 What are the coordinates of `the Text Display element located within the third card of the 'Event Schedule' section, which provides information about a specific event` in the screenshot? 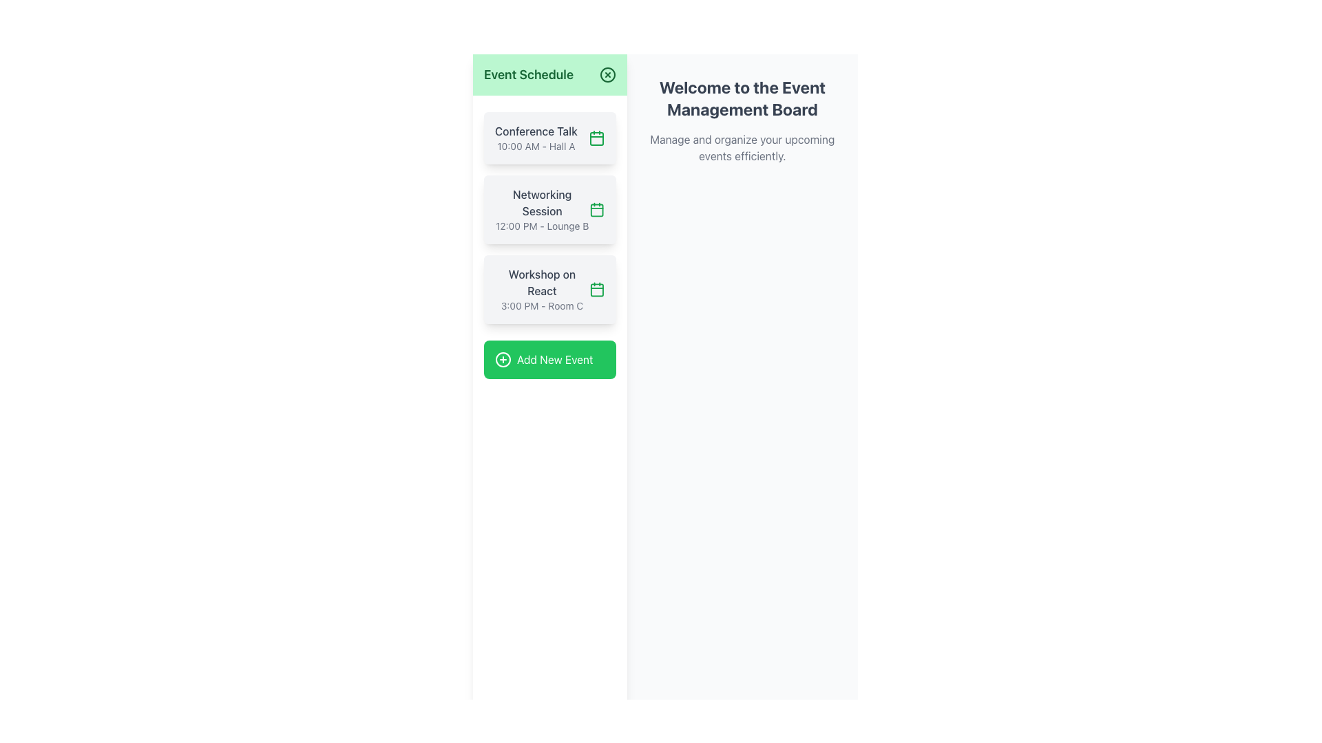 It's located at (541, 288).